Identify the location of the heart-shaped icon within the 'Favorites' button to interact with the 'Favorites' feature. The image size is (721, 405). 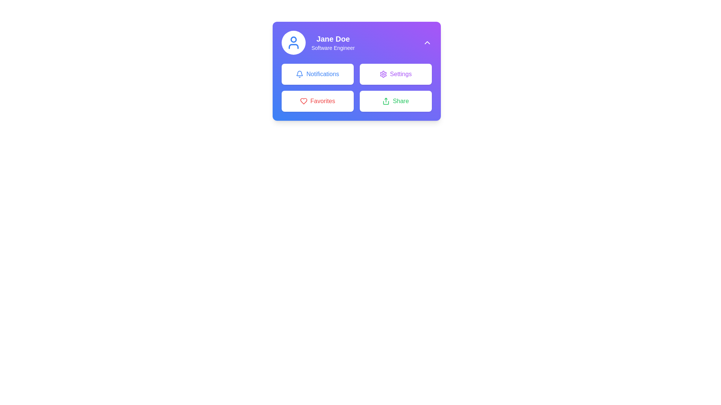
(303, 101).